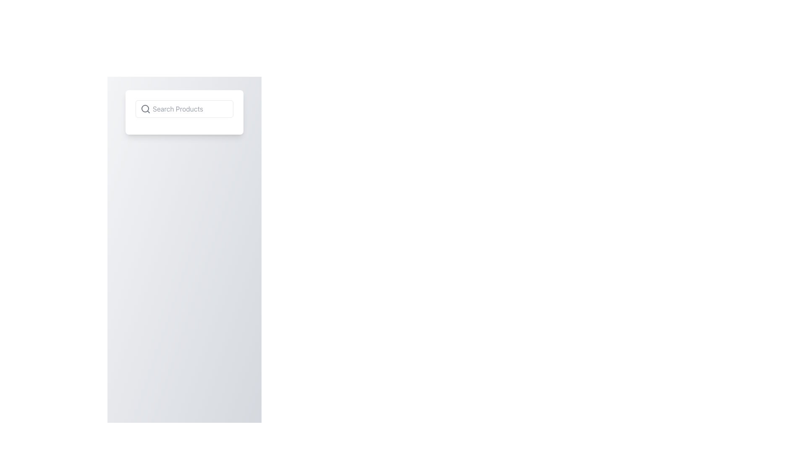 Image resolution: width=806 pixels, height=453 pixels. Describe the element at coordinates (184, 108) in the screenshot. I see `the text input field` at that location.